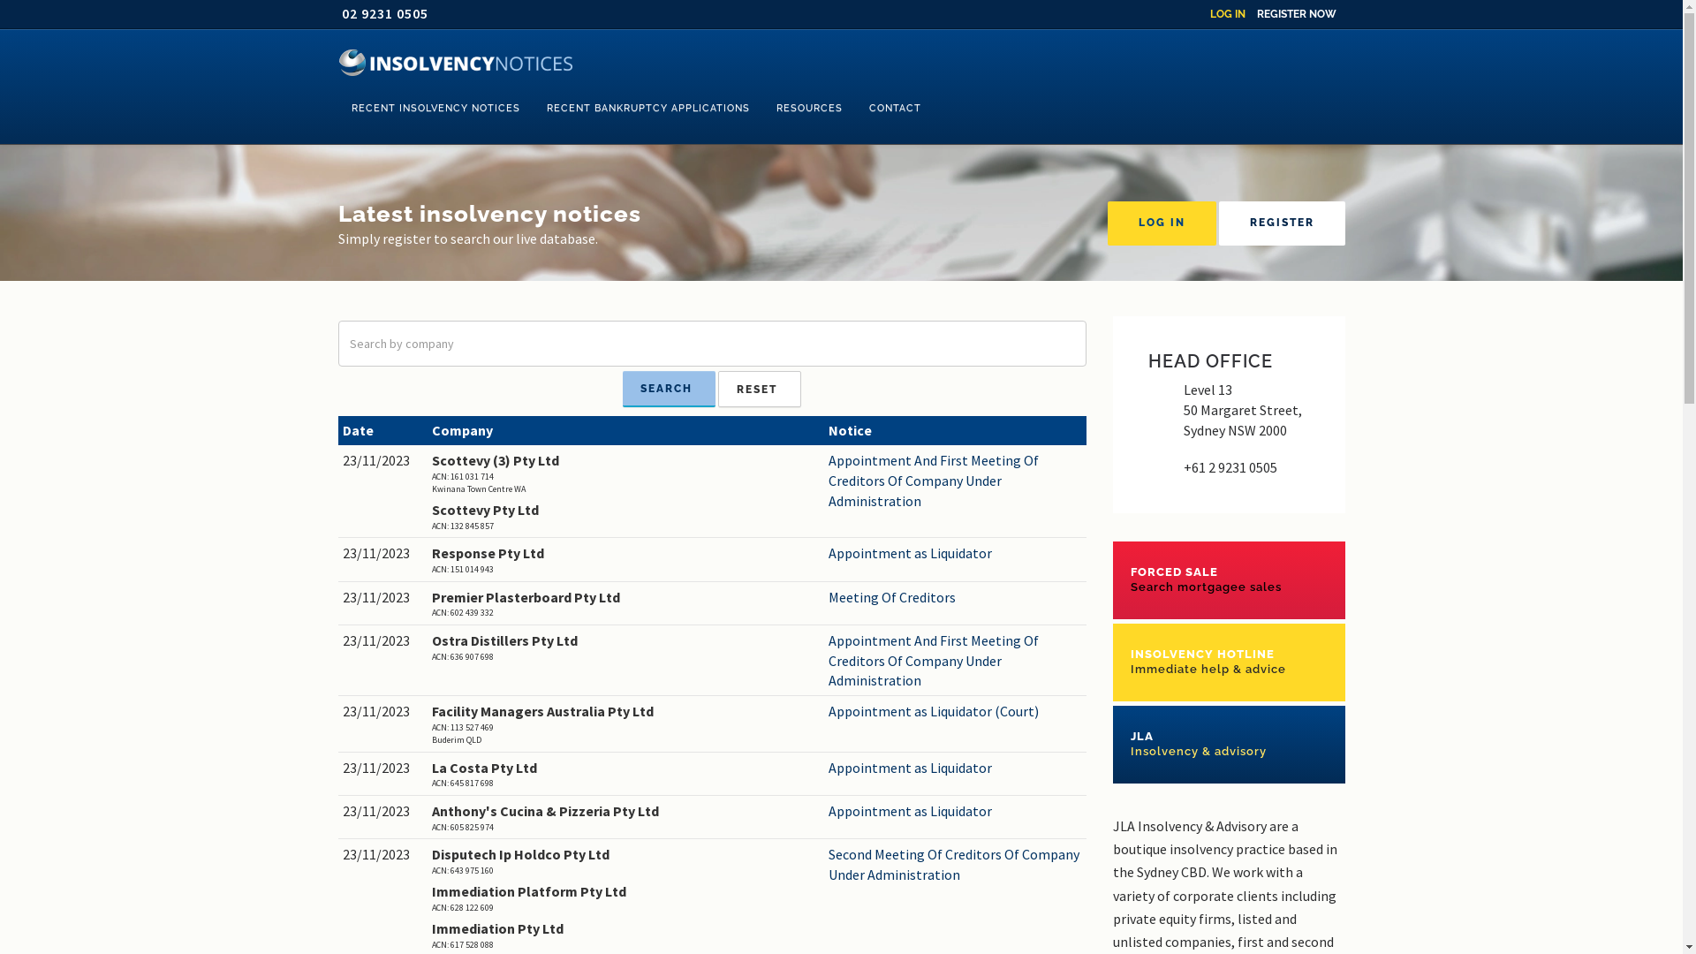 This screenshot has width=1696, height=954. Describe the element at coordinates (1282, 223) in the screenshot. I see `'REGISTER'` at that location.